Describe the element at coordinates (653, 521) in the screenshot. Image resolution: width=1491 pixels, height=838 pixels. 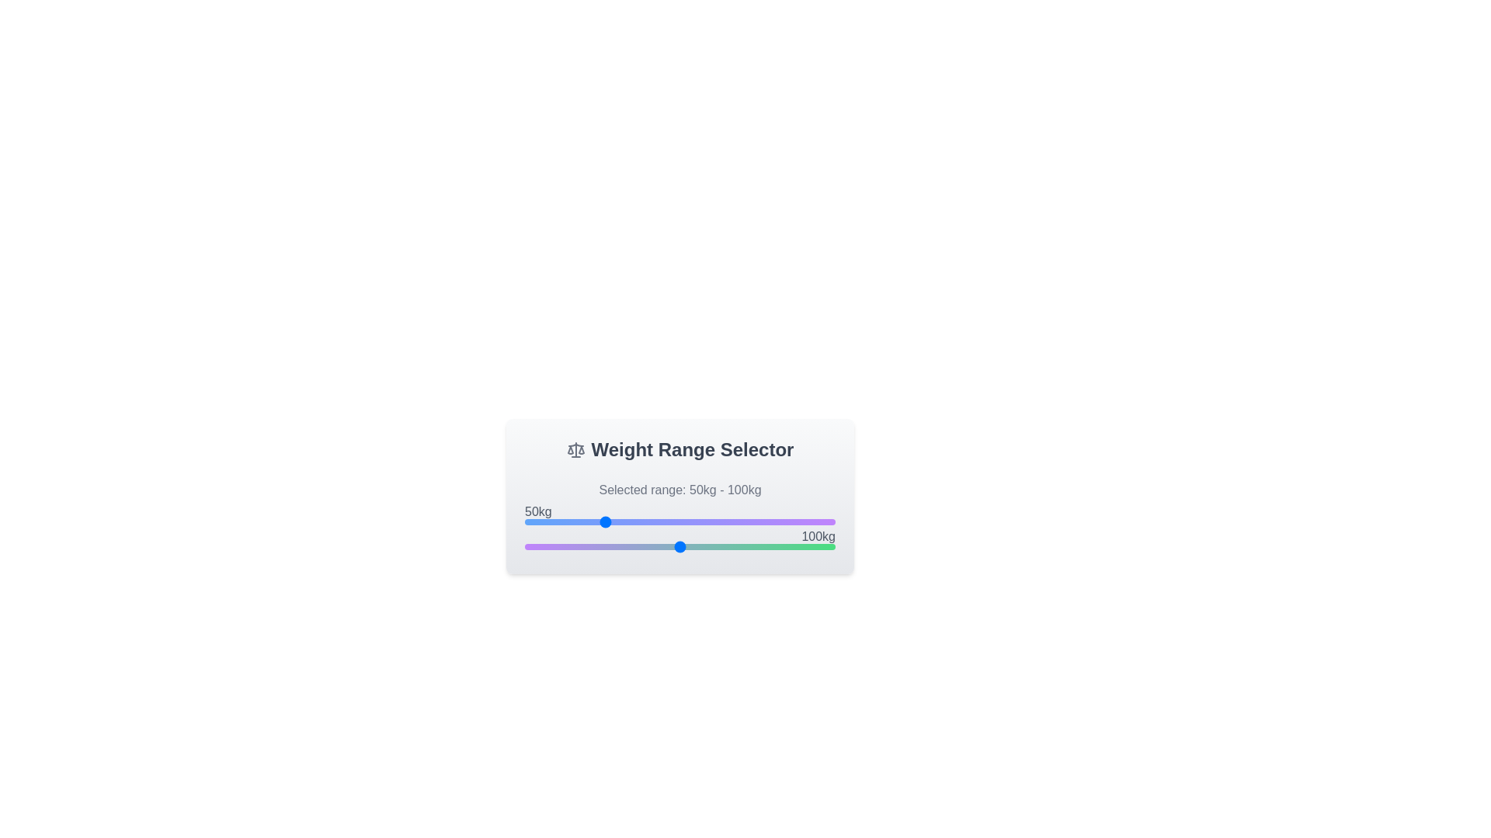
I see `the left slider to set the minimum weight to 83 kg` at that location.